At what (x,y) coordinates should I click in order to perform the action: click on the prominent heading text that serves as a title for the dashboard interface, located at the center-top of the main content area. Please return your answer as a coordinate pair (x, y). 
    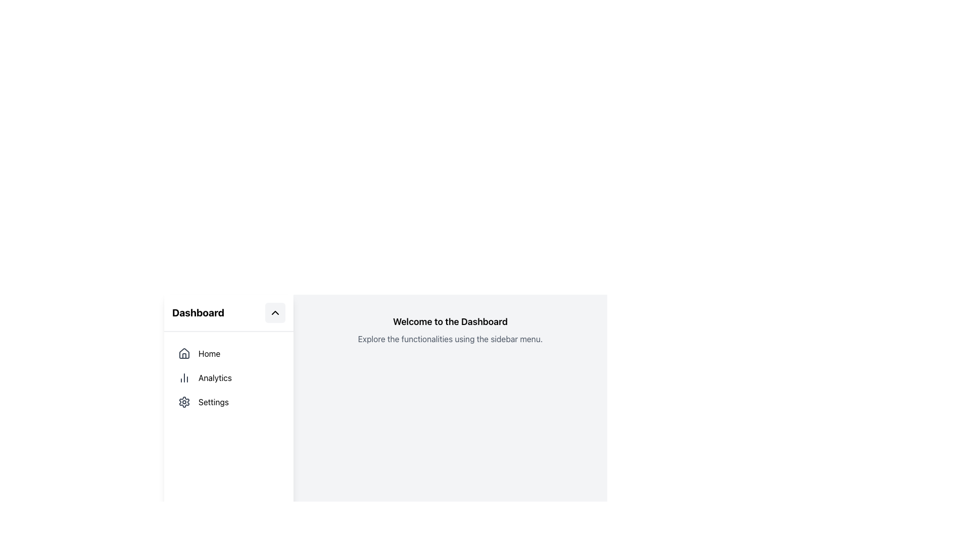
    Looking at the image, I should click on (450, 321).